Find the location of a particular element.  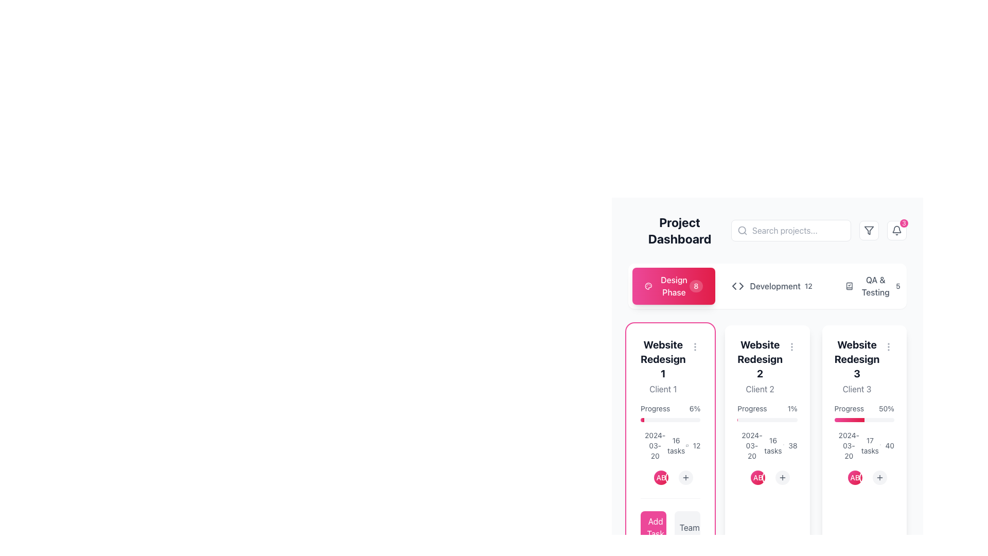

text label indicating the category or phase named 'Development', which is located in the horizontal navigation section near the top of the interface, between an icon resembling code brackets and a badge displaying the number '12' is located at coordinates (766, 286).